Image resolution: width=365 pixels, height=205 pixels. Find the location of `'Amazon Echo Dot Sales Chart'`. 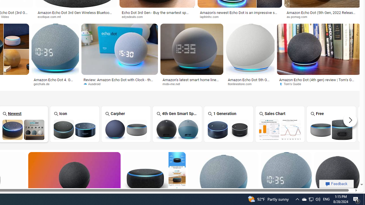

'Amazon Echo Dot Sales Chart' is located at coordinates (280, 130).